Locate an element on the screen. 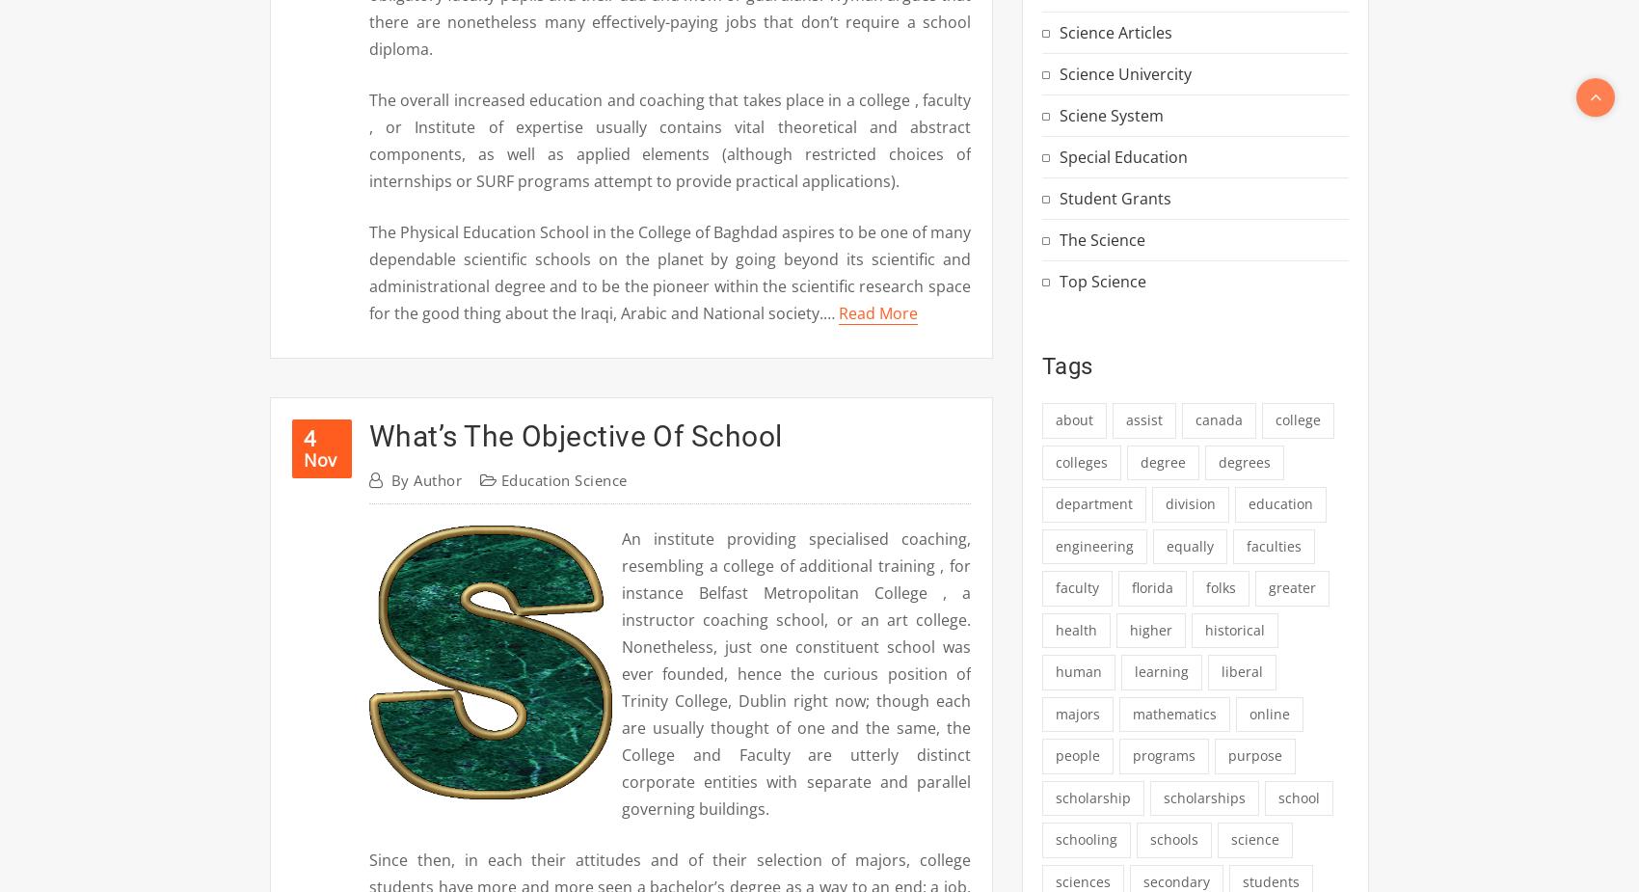  'An institute providing specialised coaching, resembling a college of additional training , for instance Belfast Metropolitan College , a instructor coaching school, or an art college. Nonetheless, just one constituent school was ever founded, hence the curious position of Trinity College, Dublin right now; though each are usually thought of one and the same, the College and Faculty are utterly distinct corporate entities with separate and parallel governing buildings.' is located at coordinates (795, 674).